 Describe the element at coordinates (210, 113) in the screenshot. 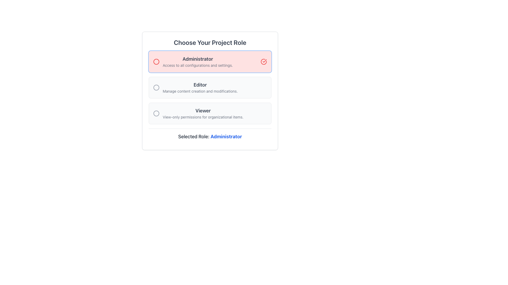

I see `the 'Viewer' selectable card to visualize its hover effect, which is the third option in a vertical stack of role selection cards` at that location.